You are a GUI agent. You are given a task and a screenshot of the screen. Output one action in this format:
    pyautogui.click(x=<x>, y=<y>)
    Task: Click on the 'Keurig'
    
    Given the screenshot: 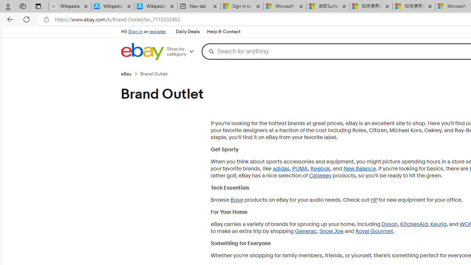 What is the action you would take?
    pyautogui.click(x=438, y=224)
    